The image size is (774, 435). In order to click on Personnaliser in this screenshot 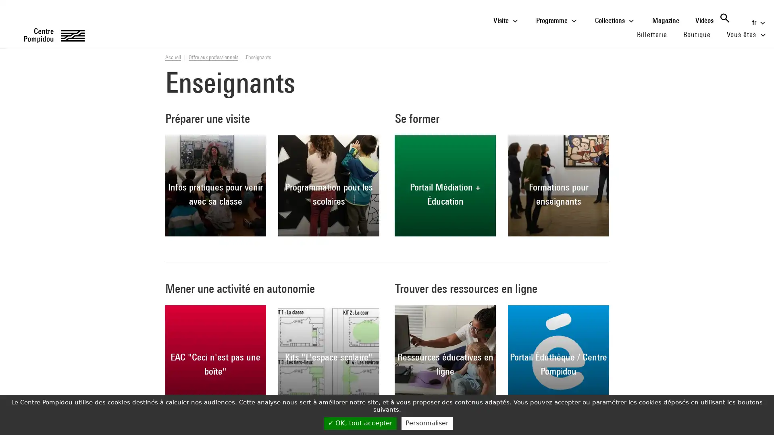, I will do `click(427, 423)`.